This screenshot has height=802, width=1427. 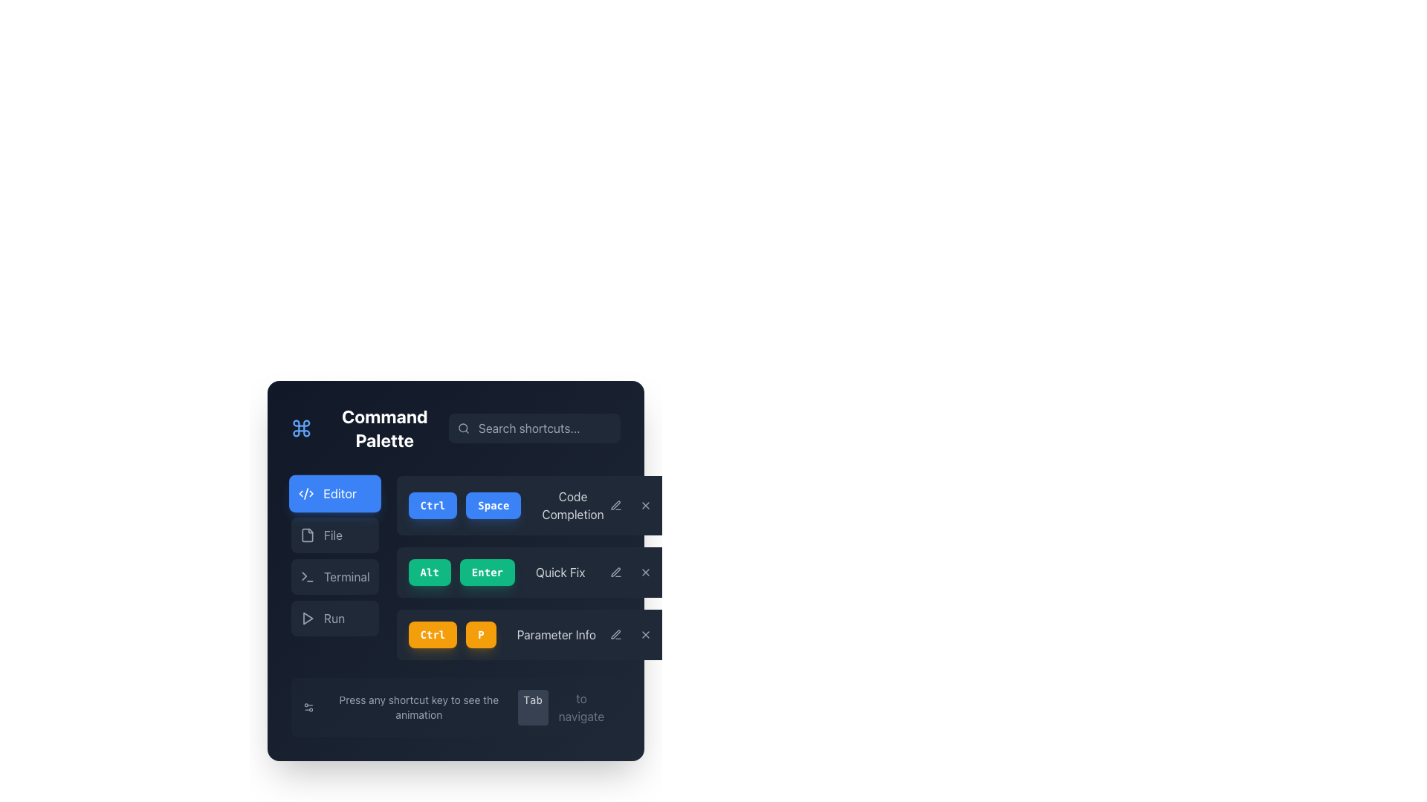 I want to click on the close button for the 'Code Completion' functionality, located on the rightmost side of the command palette interface segment, so click(x=645, y=505).